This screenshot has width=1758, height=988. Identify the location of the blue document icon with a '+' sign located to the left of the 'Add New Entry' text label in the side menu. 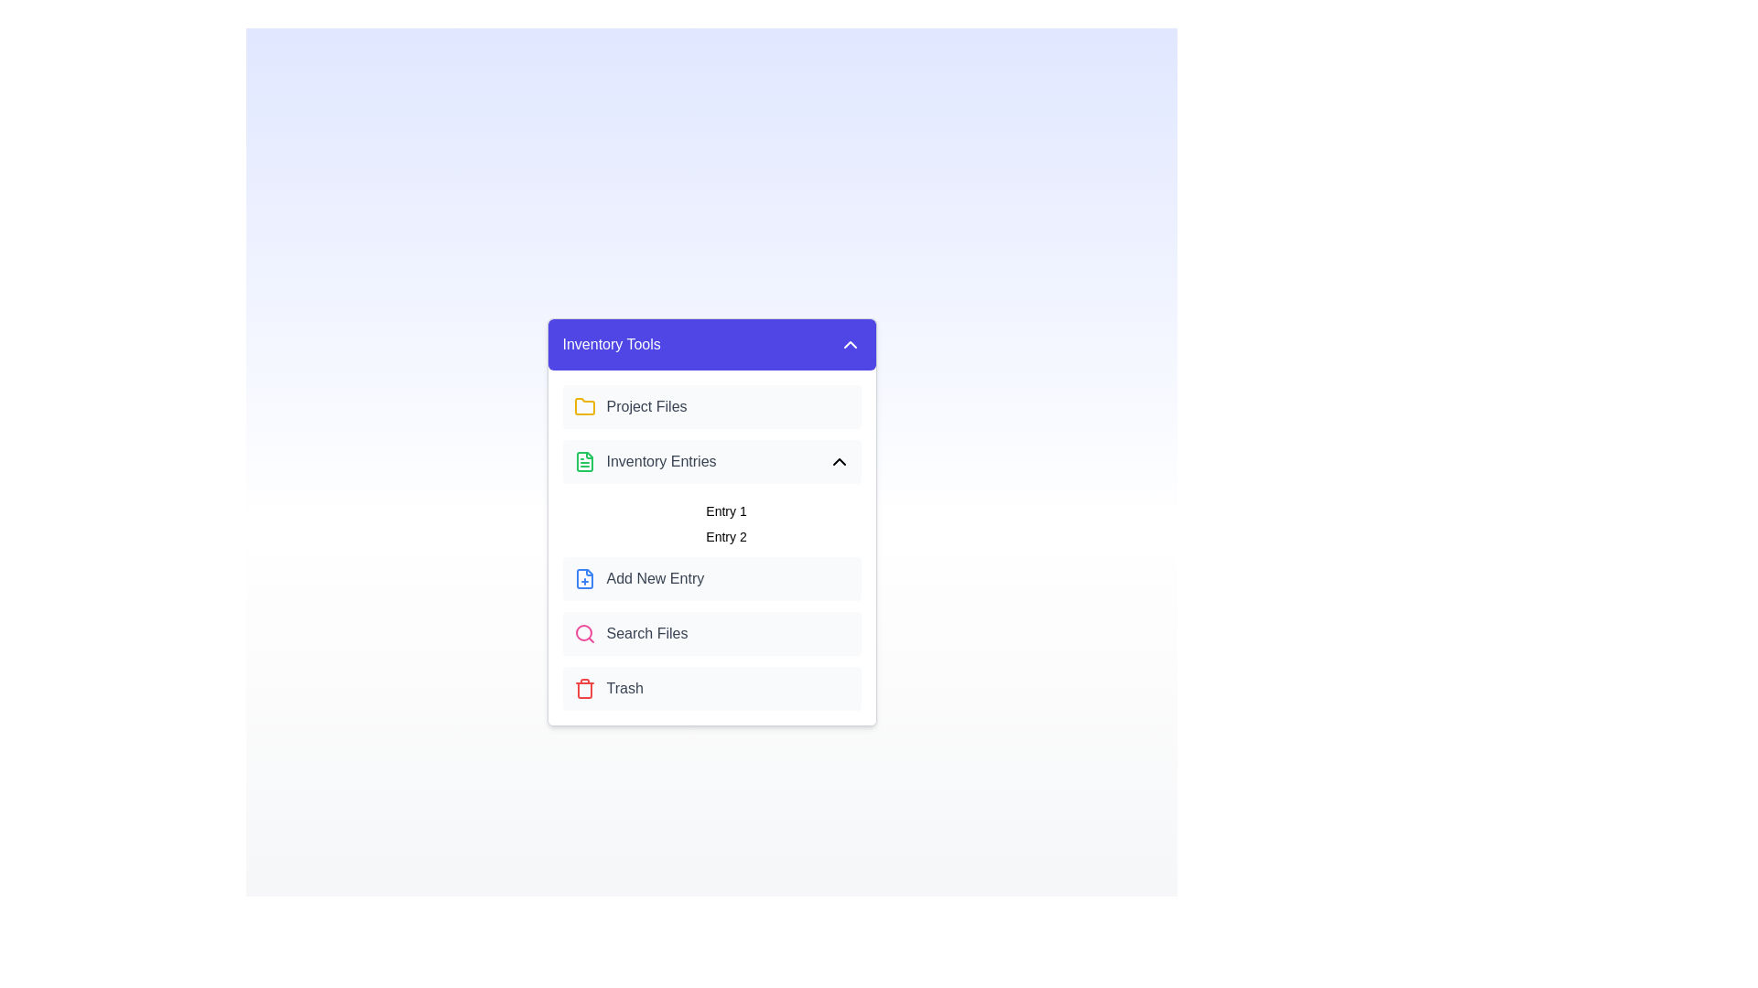
(583, 578).